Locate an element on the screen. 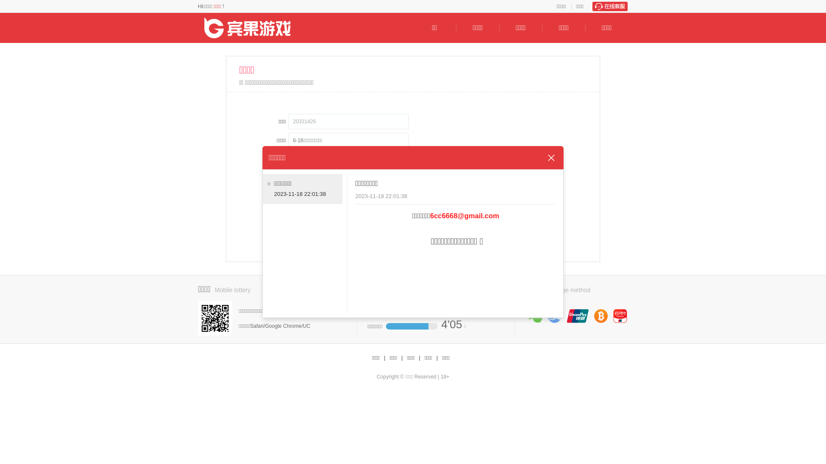 This screenshot has height=464, width=826. '|' is located at coordinates (384, 358).